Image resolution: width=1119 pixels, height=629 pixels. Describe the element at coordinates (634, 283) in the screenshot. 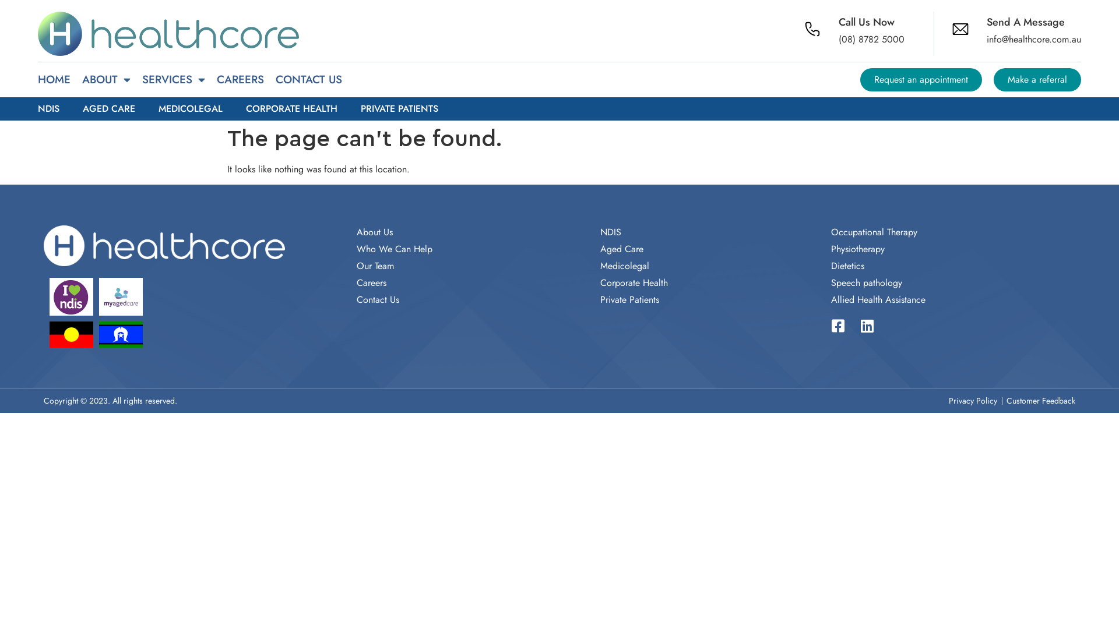

I see `'Corporate Health'` at that location.